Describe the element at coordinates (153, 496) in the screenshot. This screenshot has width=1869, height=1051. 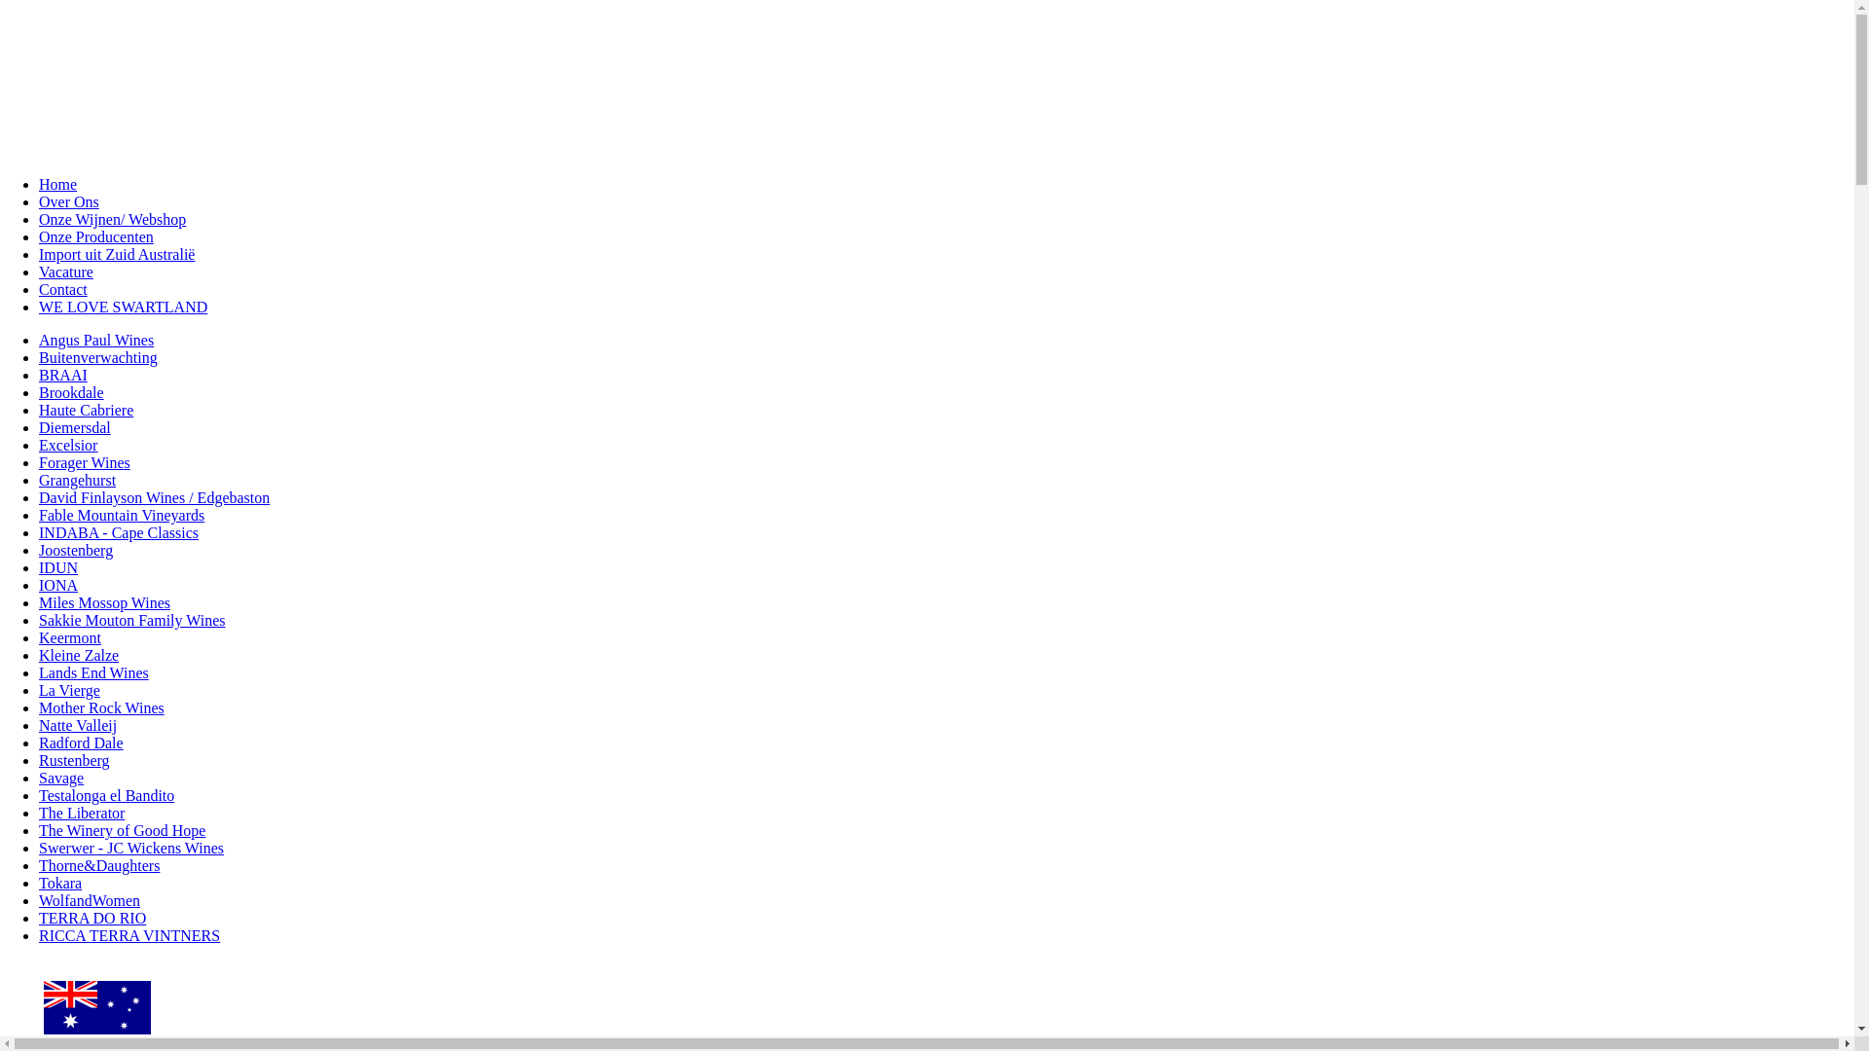
I see `'David Finlayson Wines / Edgebaston'` at that location.